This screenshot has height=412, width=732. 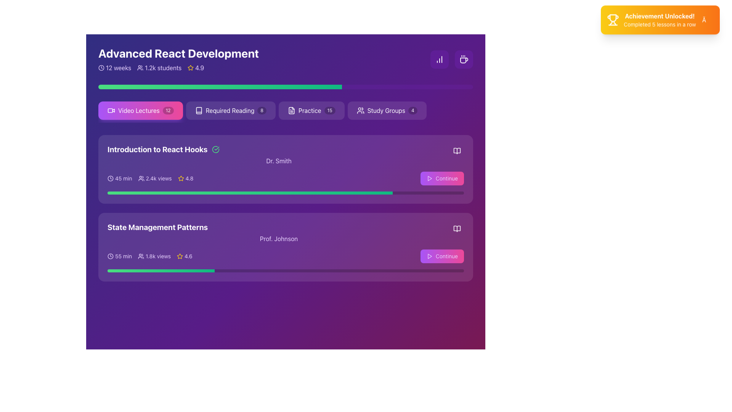 What do you see at coordinates (161, 270) in the screenshot?
I see `the gradient progress bar that visually indicates progress related to 'State Management Patterns', which is styled with rounded edges and located near the bottom of the section` at bounding box center [161, 270].